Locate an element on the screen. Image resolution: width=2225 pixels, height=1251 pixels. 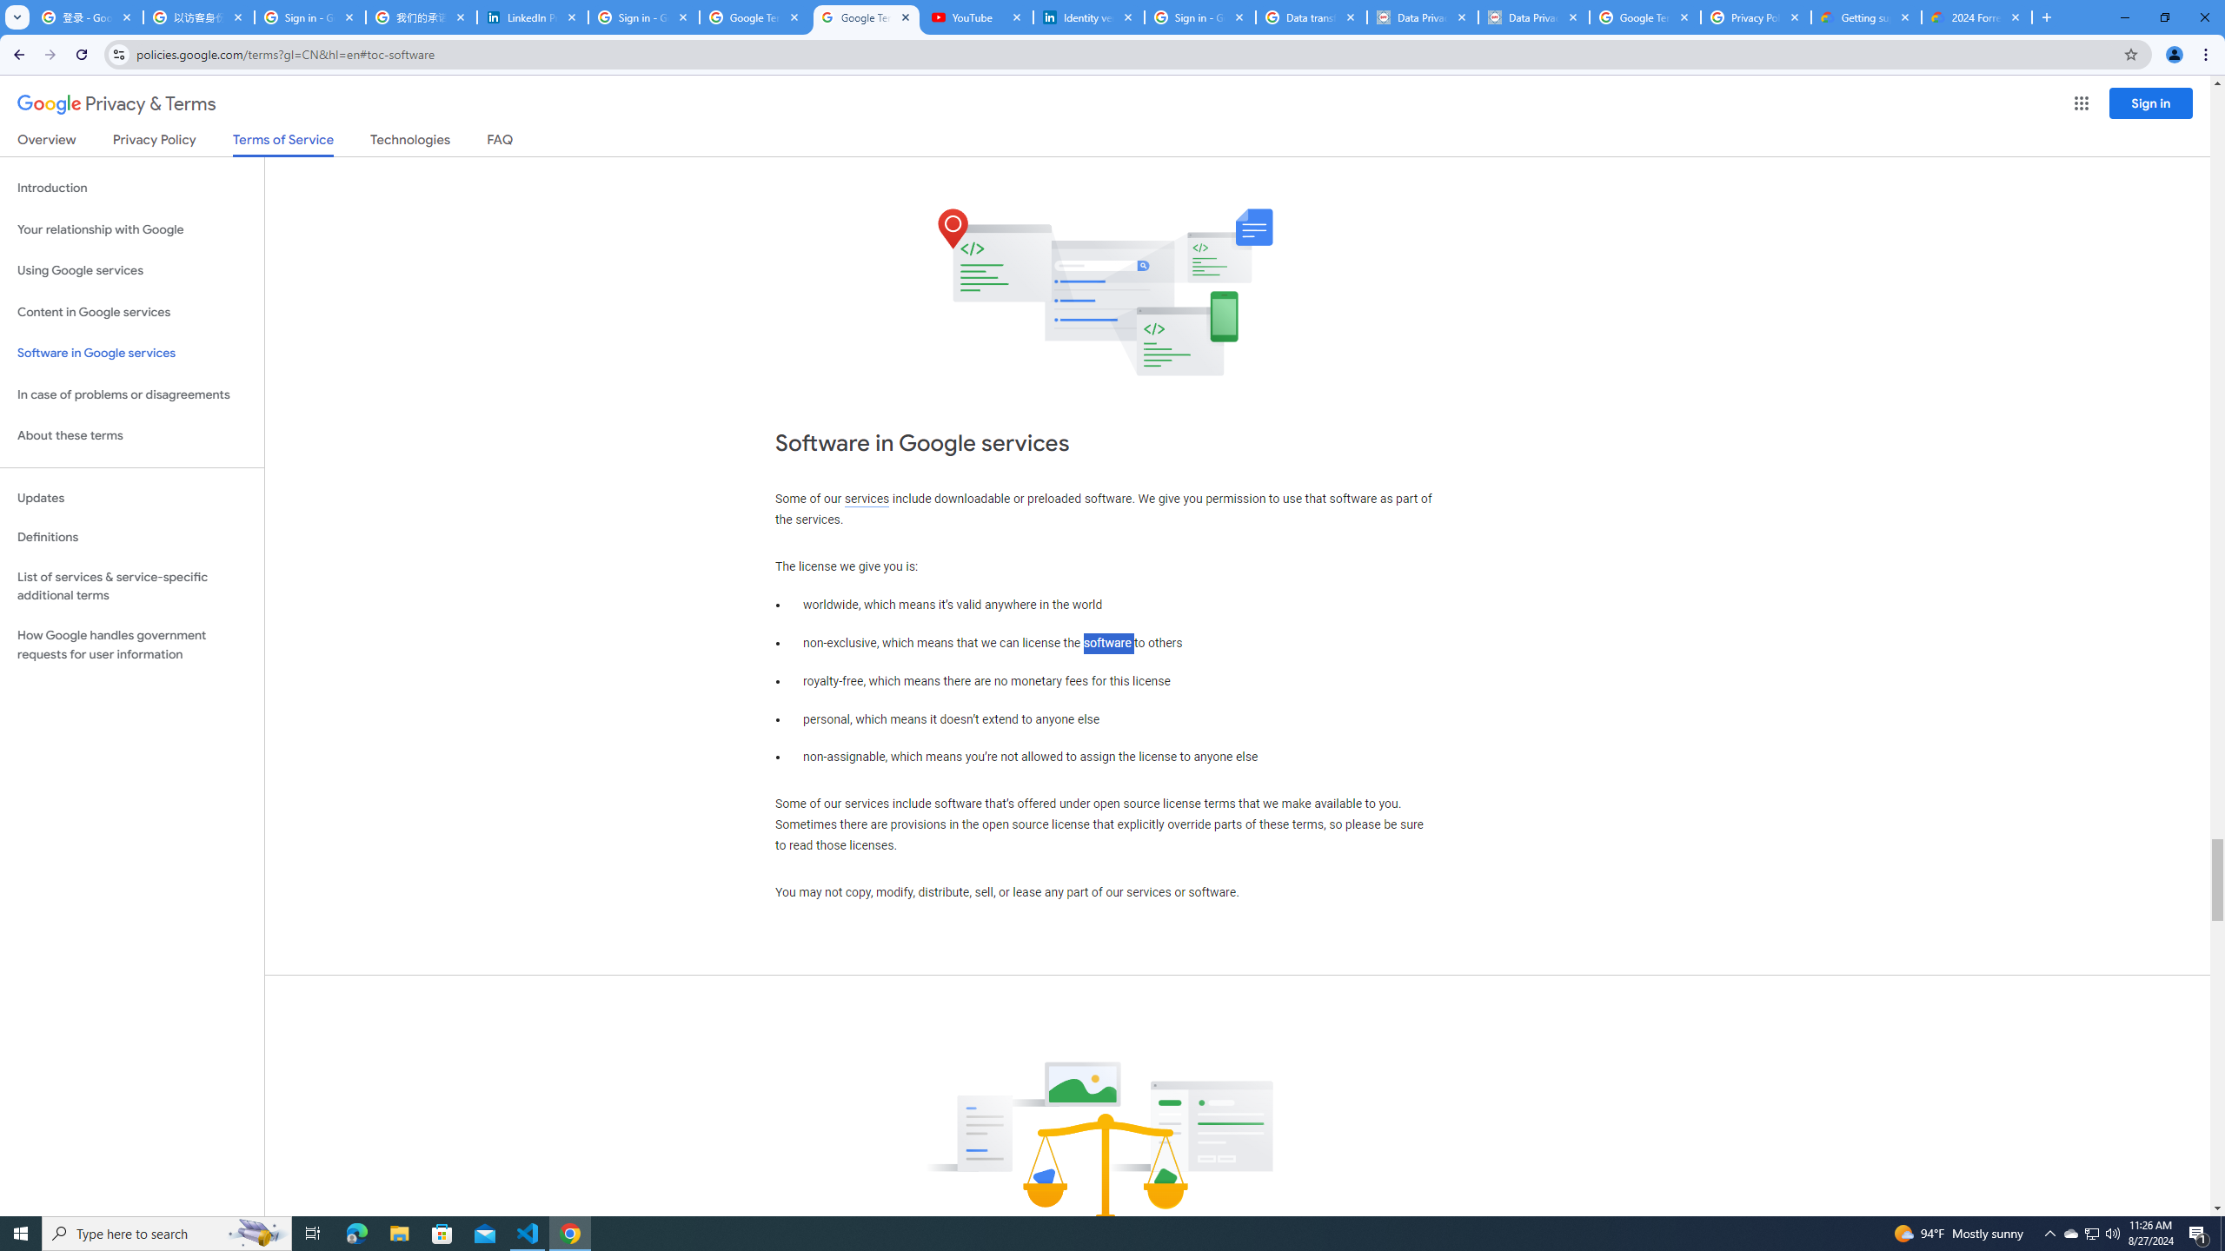
'Content in Google services' is located at coordinates (131, 313).